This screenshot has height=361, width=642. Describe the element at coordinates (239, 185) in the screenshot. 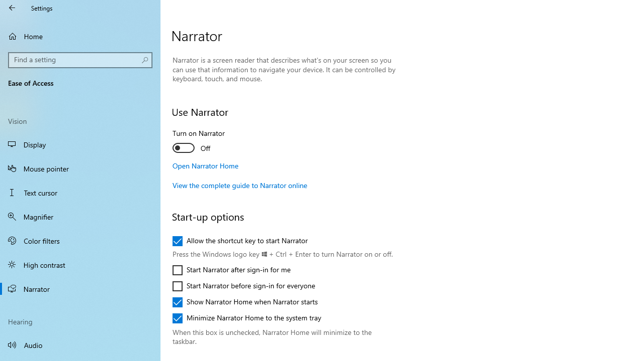

I see `'View the complete guide to Narrator online'` at that location.